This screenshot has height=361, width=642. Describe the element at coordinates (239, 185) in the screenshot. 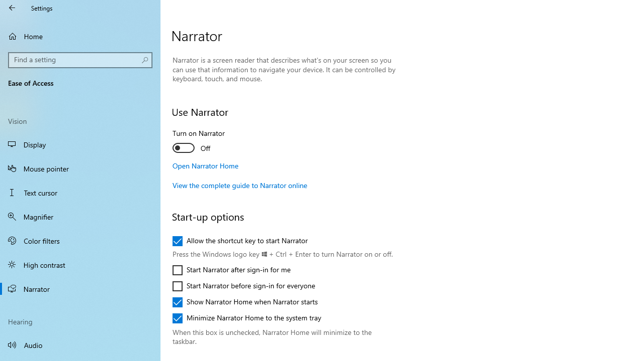

I see `'View the complete guide to Narrator online'` at that location.